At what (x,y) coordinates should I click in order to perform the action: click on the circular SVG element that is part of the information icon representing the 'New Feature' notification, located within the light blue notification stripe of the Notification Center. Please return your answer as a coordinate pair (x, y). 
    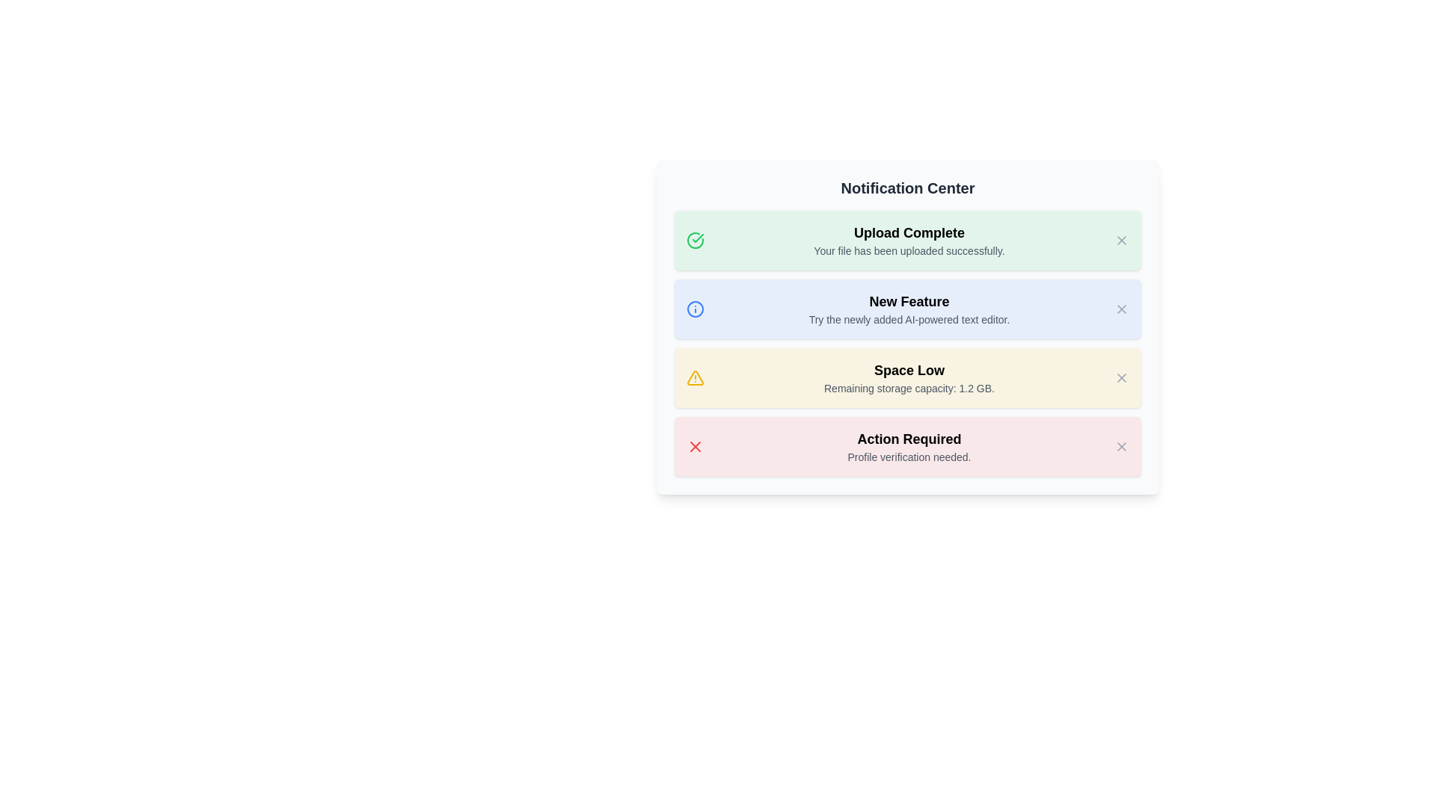
    Looking at the image, I should click on (695, 308).